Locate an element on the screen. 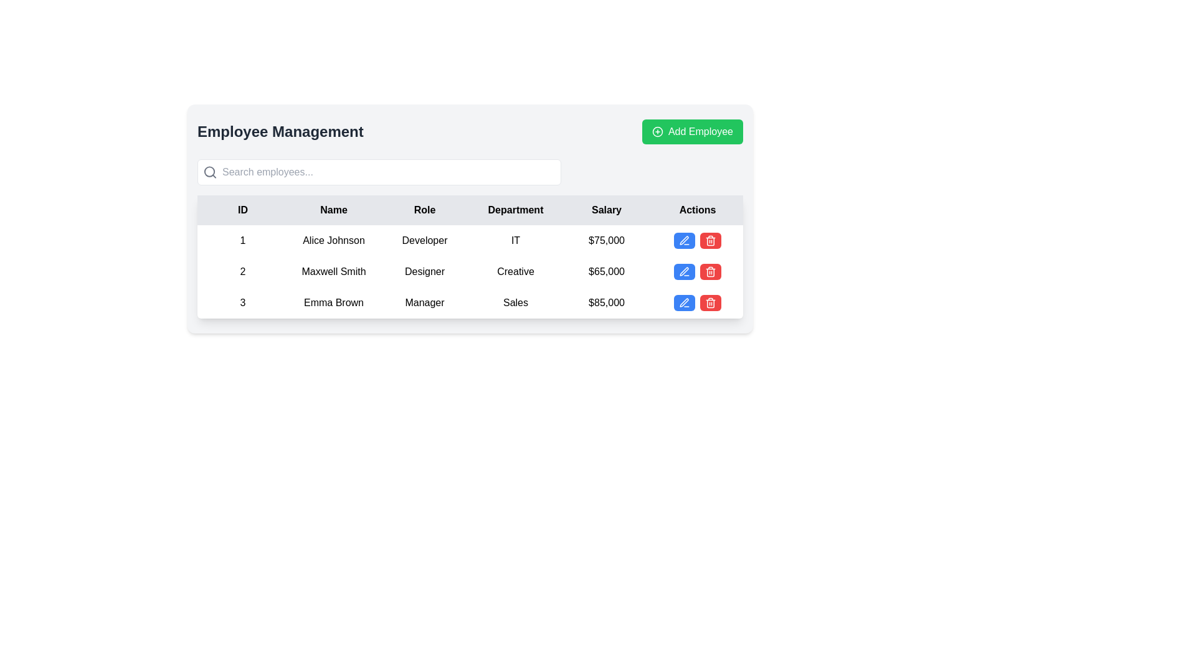 This screenshot has width=1196, height=672. the rightmost button in the 'Actions' column of the employee table is located at coordinates (711, 271).